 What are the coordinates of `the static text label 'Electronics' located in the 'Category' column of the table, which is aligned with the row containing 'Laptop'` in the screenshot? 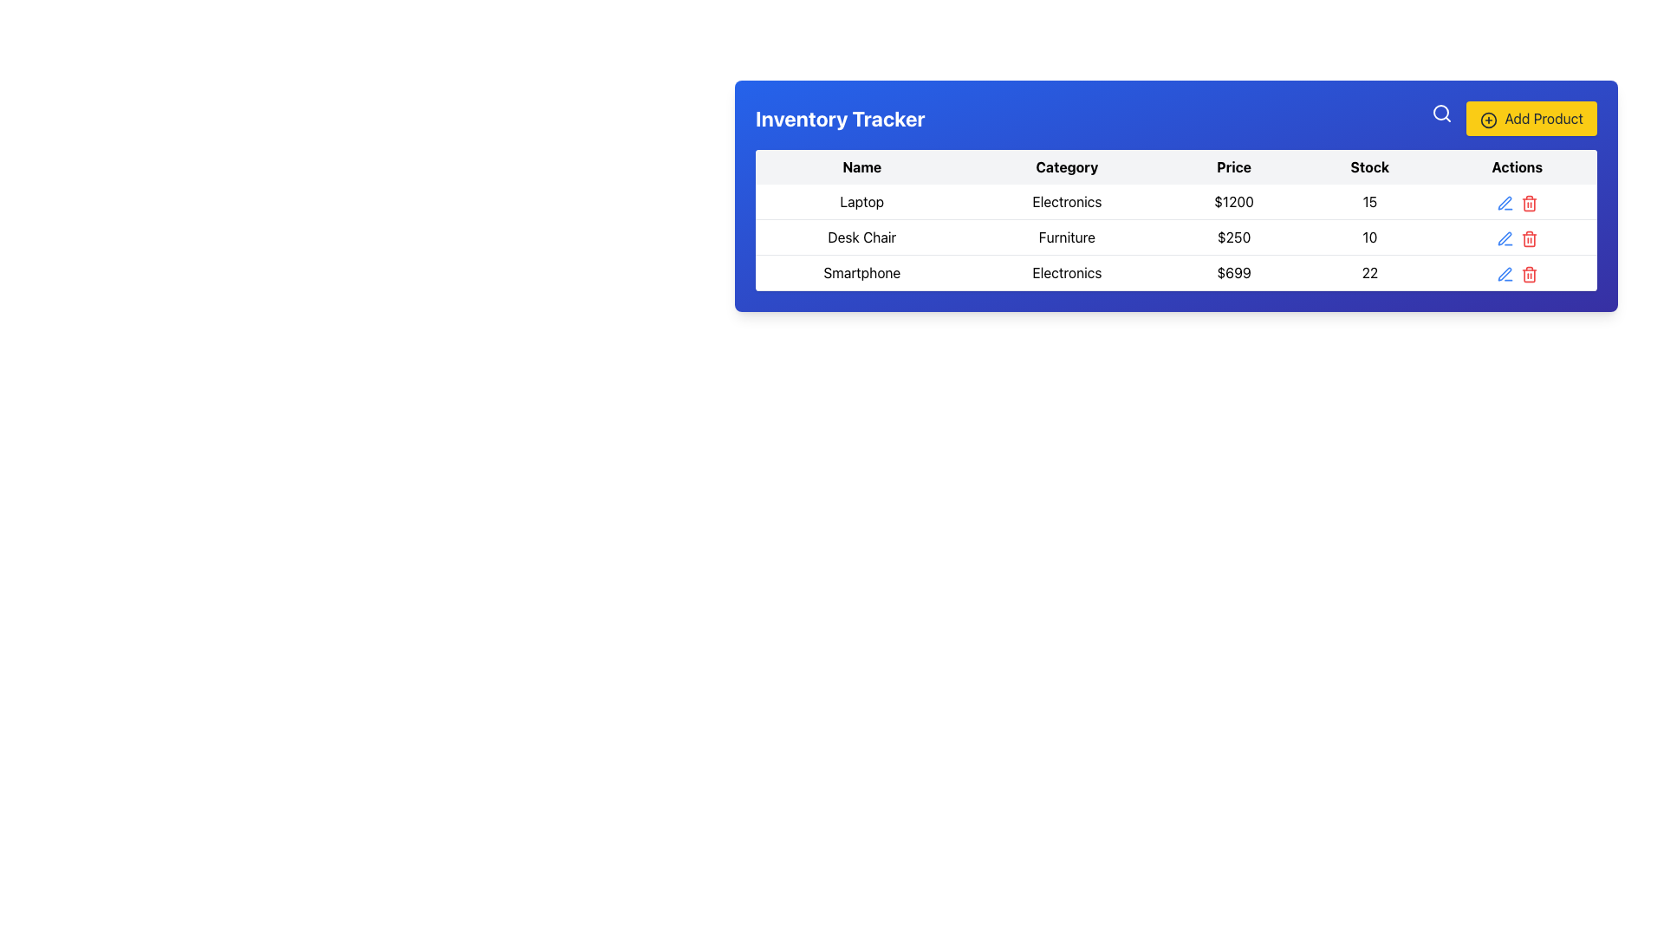 It's located at (1066, 201).